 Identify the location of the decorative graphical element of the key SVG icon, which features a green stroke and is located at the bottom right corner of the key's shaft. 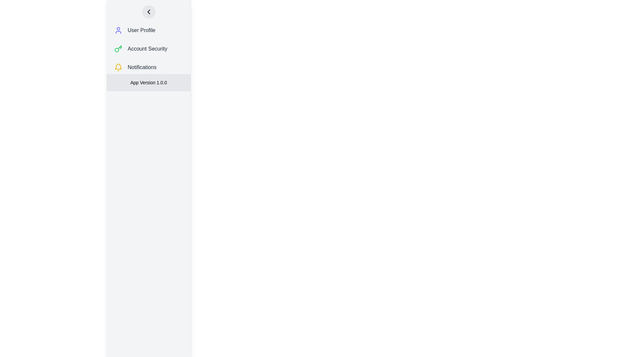
(120, 47).